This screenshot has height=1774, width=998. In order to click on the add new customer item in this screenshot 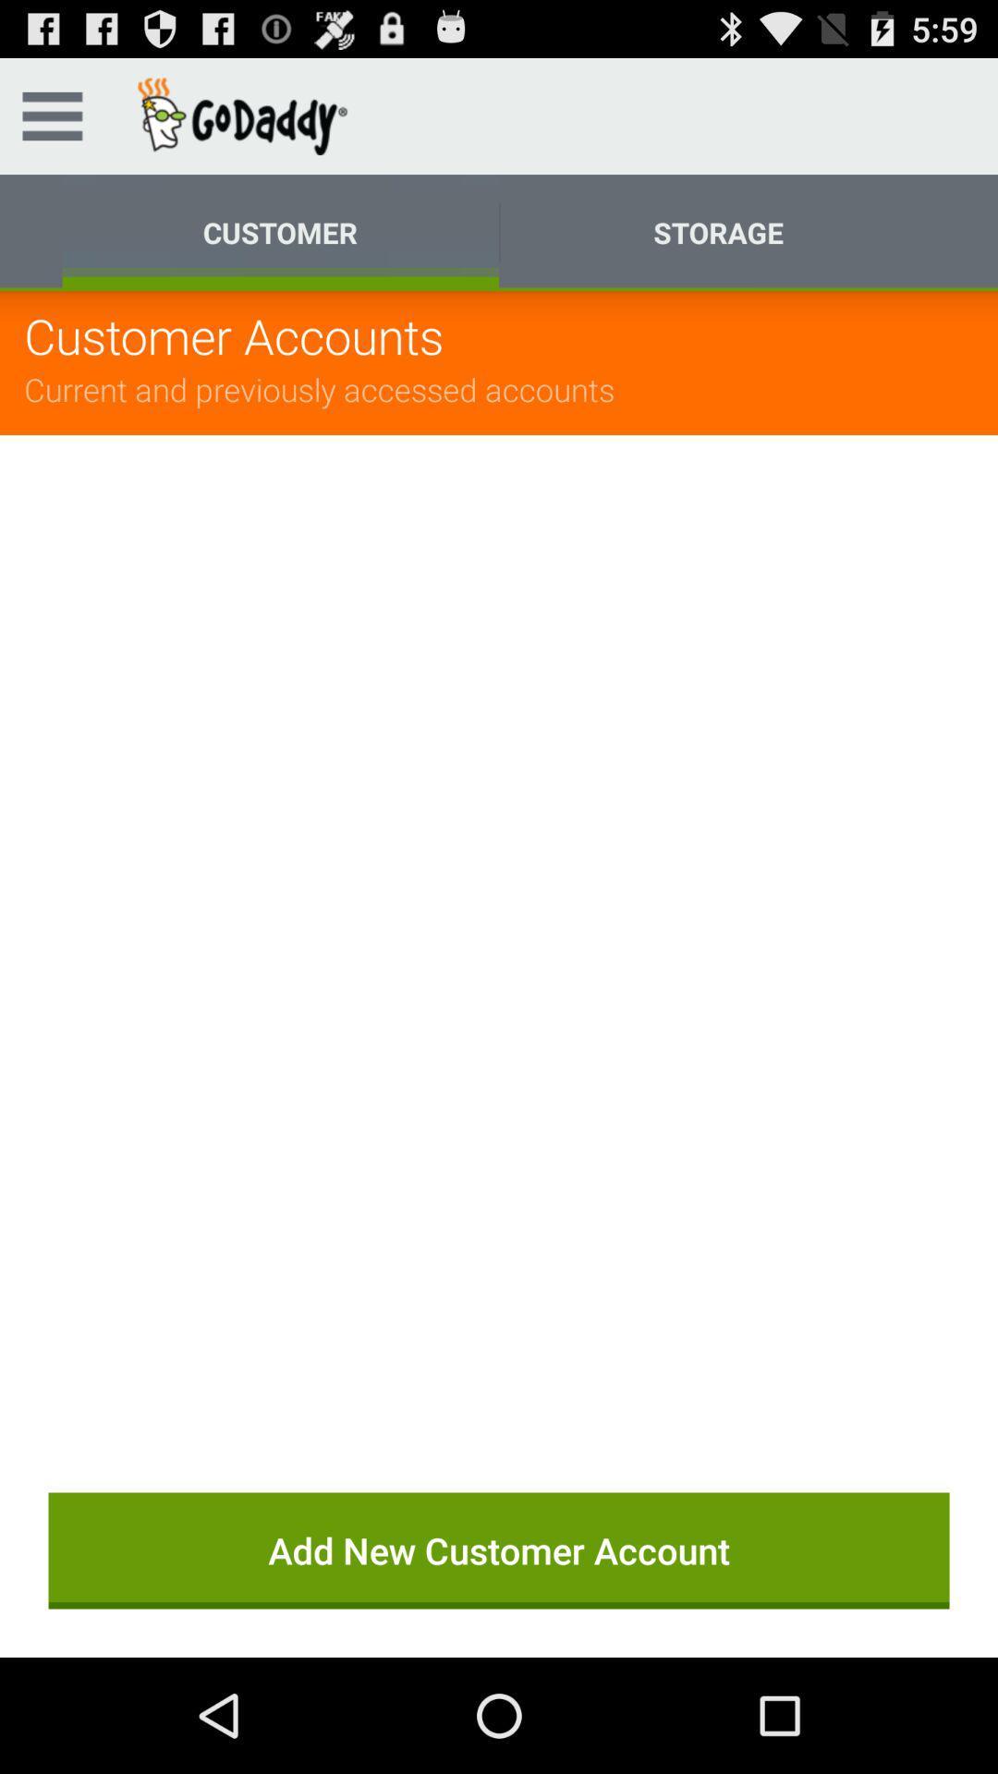, I will do `click(499, 1550)`.